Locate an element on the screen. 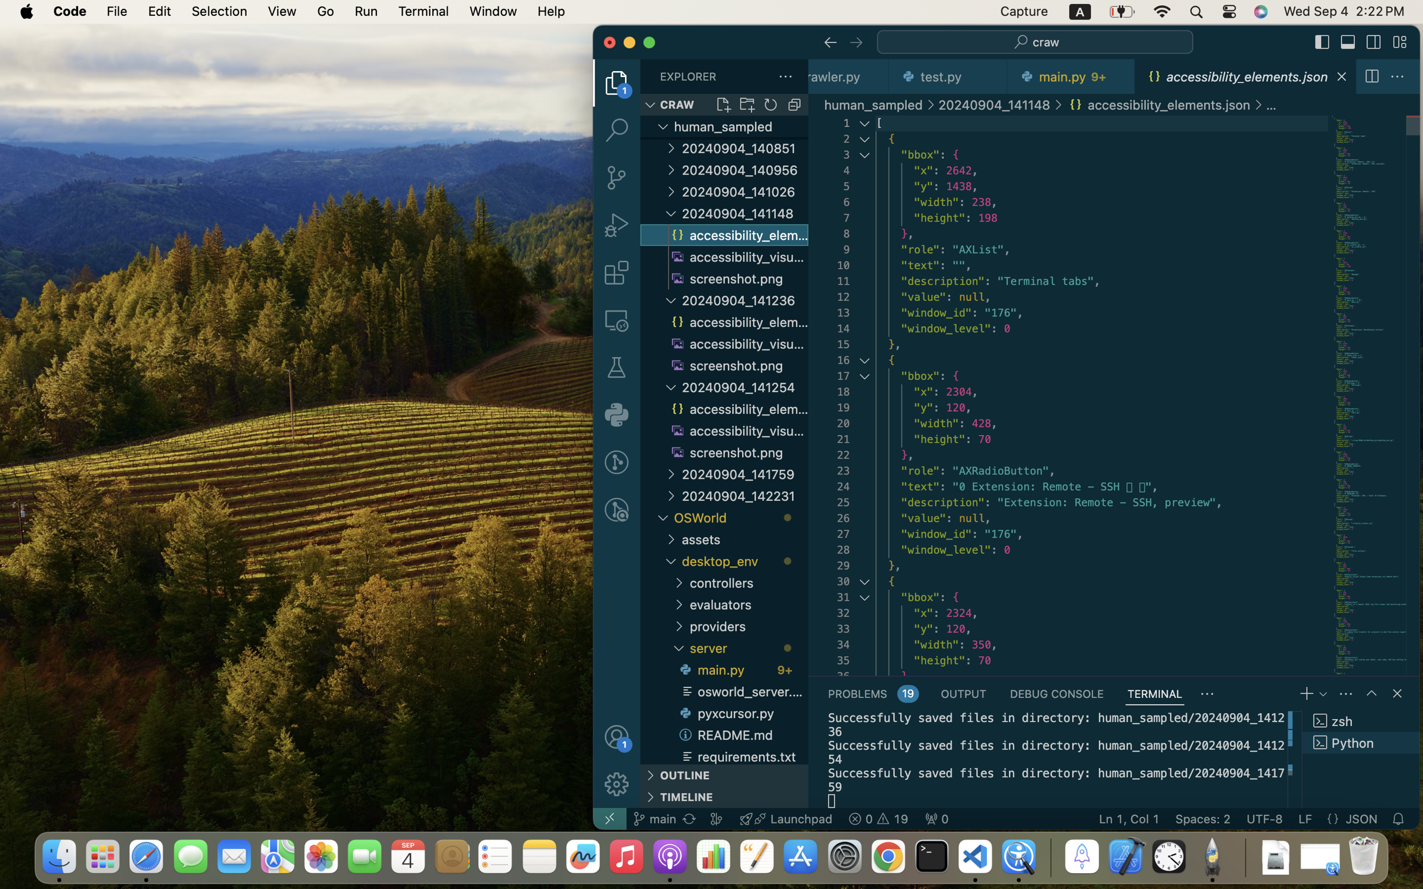 This screenshot has height=889, width=1423. '20240904_142231' is located at coordinates (744, 496).